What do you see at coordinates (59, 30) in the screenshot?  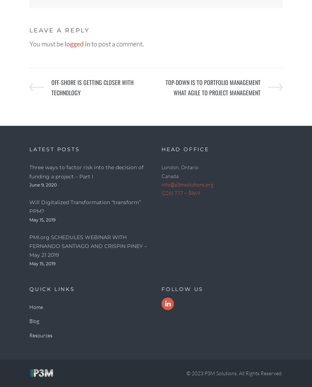 I see `'Leave a reply'` at bounding box center [59, 30].